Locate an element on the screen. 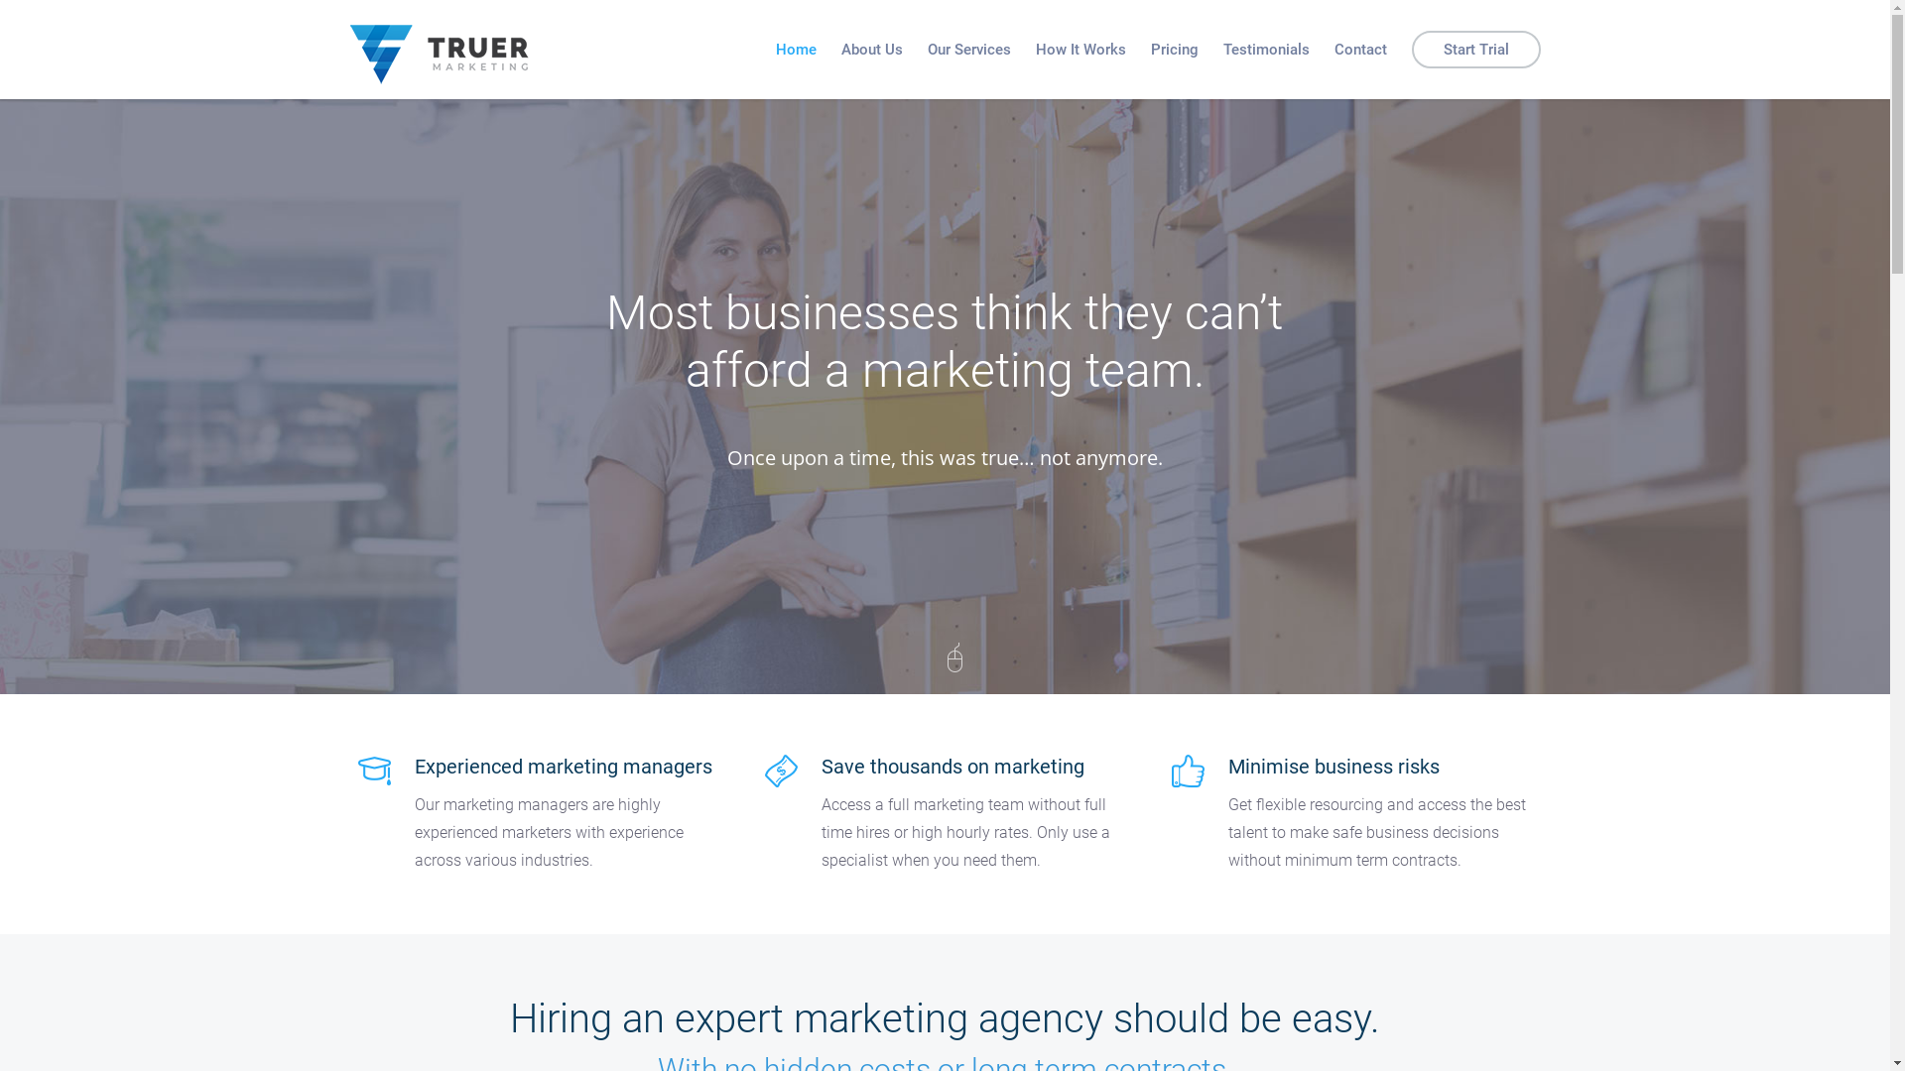  'Contact' is located at coordinates (1358, 49).